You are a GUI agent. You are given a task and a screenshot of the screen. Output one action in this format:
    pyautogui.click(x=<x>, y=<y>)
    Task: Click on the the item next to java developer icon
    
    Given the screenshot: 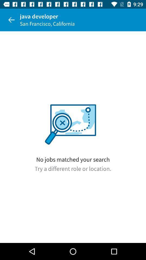 What is the action you would take?
    pyautogui.click(x=11, y=20)
    